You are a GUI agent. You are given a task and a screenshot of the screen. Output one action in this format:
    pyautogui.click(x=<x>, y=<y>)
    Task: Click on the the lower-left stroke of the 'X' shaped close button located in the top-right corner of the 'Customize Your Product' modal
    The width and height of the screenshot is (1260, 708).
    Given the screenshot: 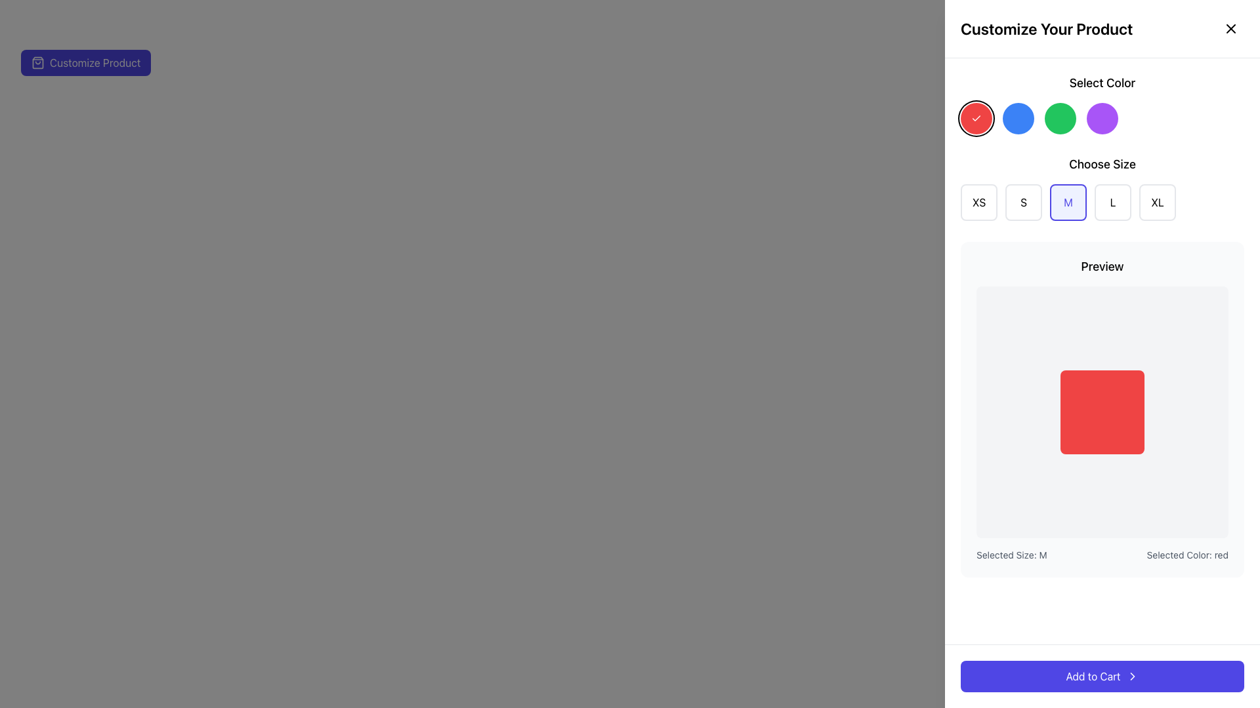 What is the action you would take?
    pyautogui.click(x=1230, y=28)
    